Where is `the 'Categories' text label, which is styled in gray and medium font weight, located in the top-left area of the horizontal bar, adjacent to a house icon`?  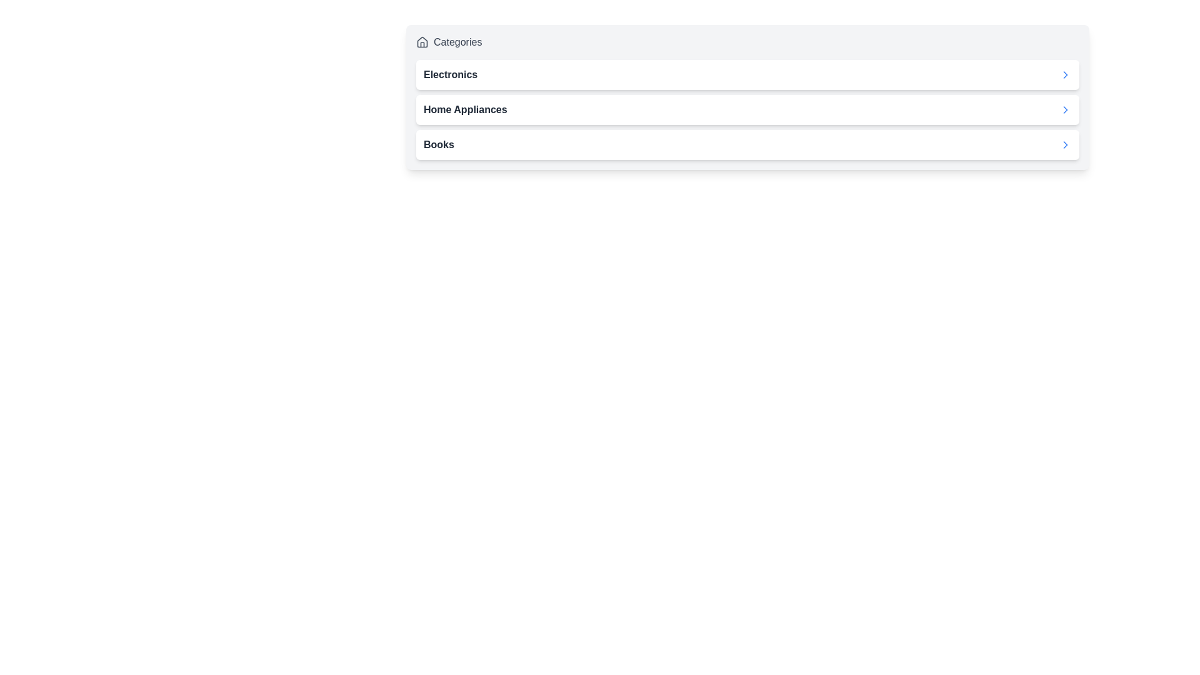 the 'Categories' text label, which is styled in gray and medium font weight, located in the top-left area of the horizontal bar, adjacent to a house icon is located at coordinates (457, 42).